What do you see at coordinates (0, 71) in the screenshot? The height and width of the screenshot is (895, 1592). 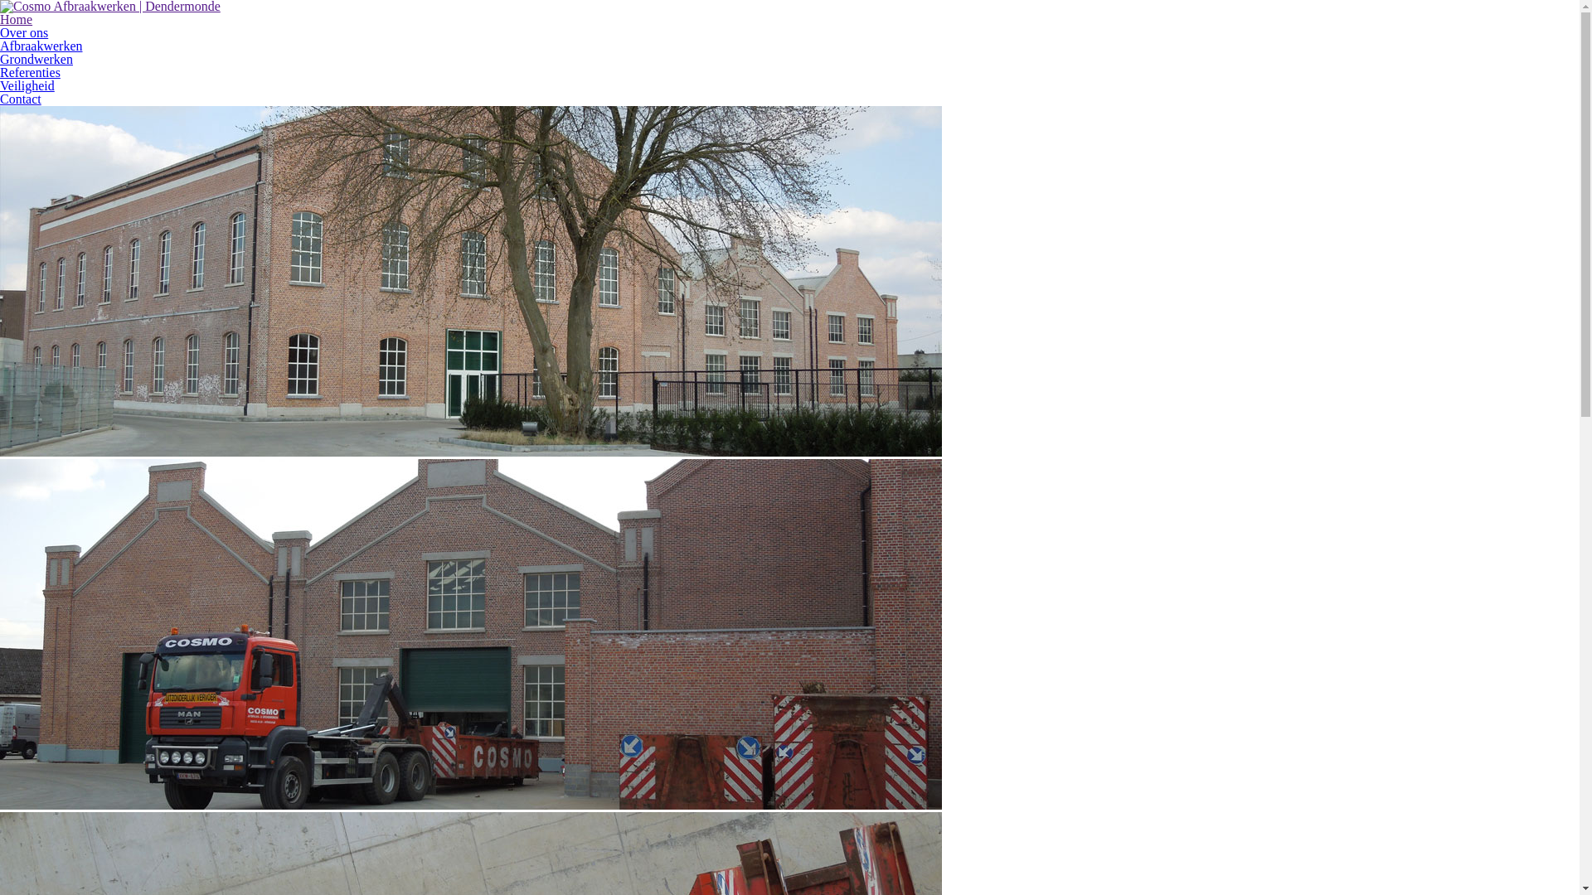 I see `'Referenties'` at bounding box center [0, 71].